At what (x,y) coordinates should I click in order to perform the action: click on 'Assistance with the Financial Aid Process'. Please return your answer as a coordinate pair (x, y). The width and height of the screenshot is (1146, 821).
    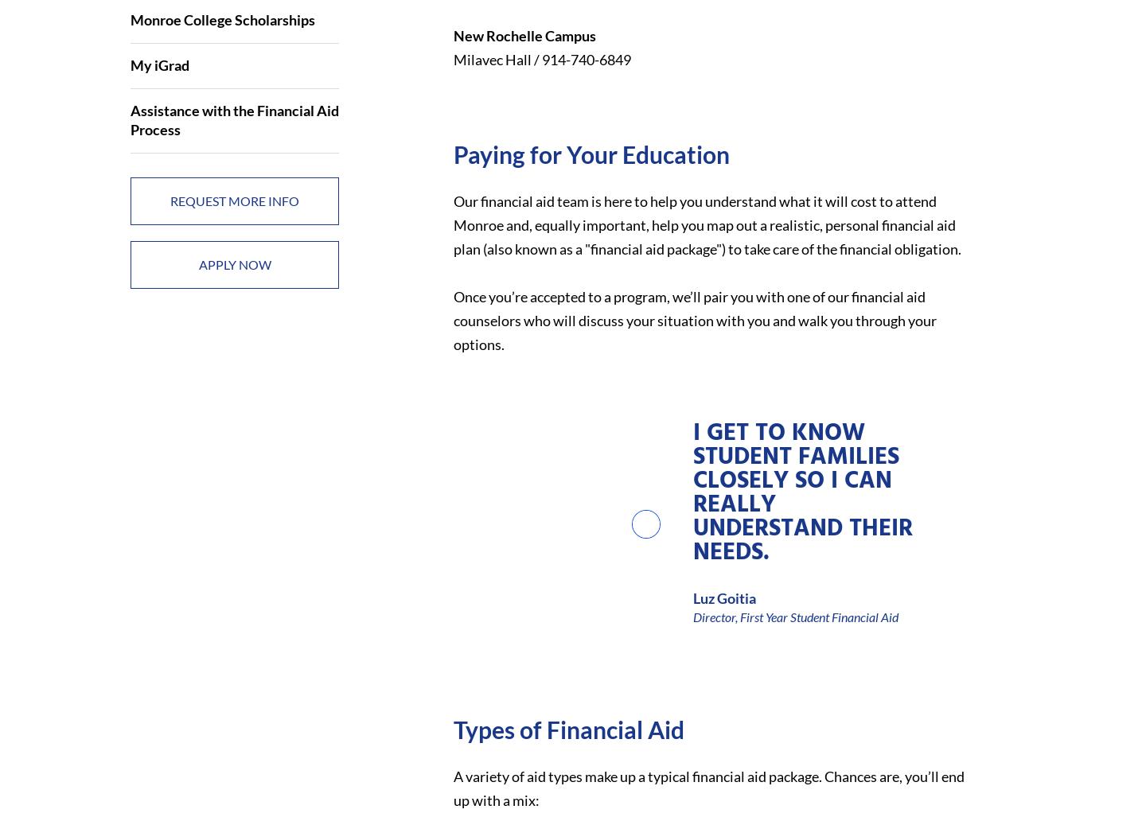
    Looking at the image, I should click on (233, 118).